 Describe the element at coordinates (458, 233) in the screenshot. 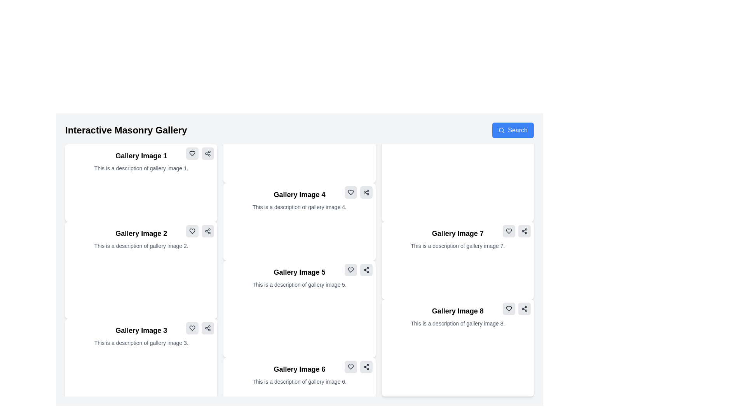

I see `title text label for the gallery image, which is located at the top of the card labeled 'Gallery Image 7' in the grid layout` at that location.